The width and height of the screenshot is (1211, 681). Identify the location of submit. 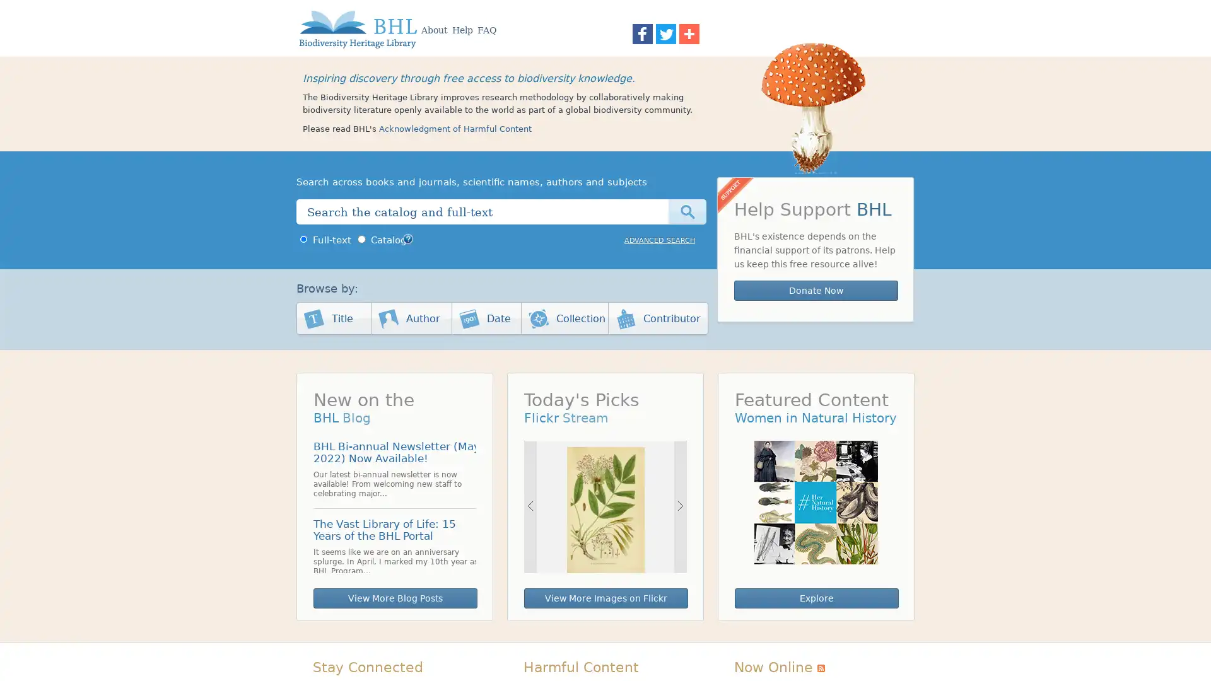
(686, 211).